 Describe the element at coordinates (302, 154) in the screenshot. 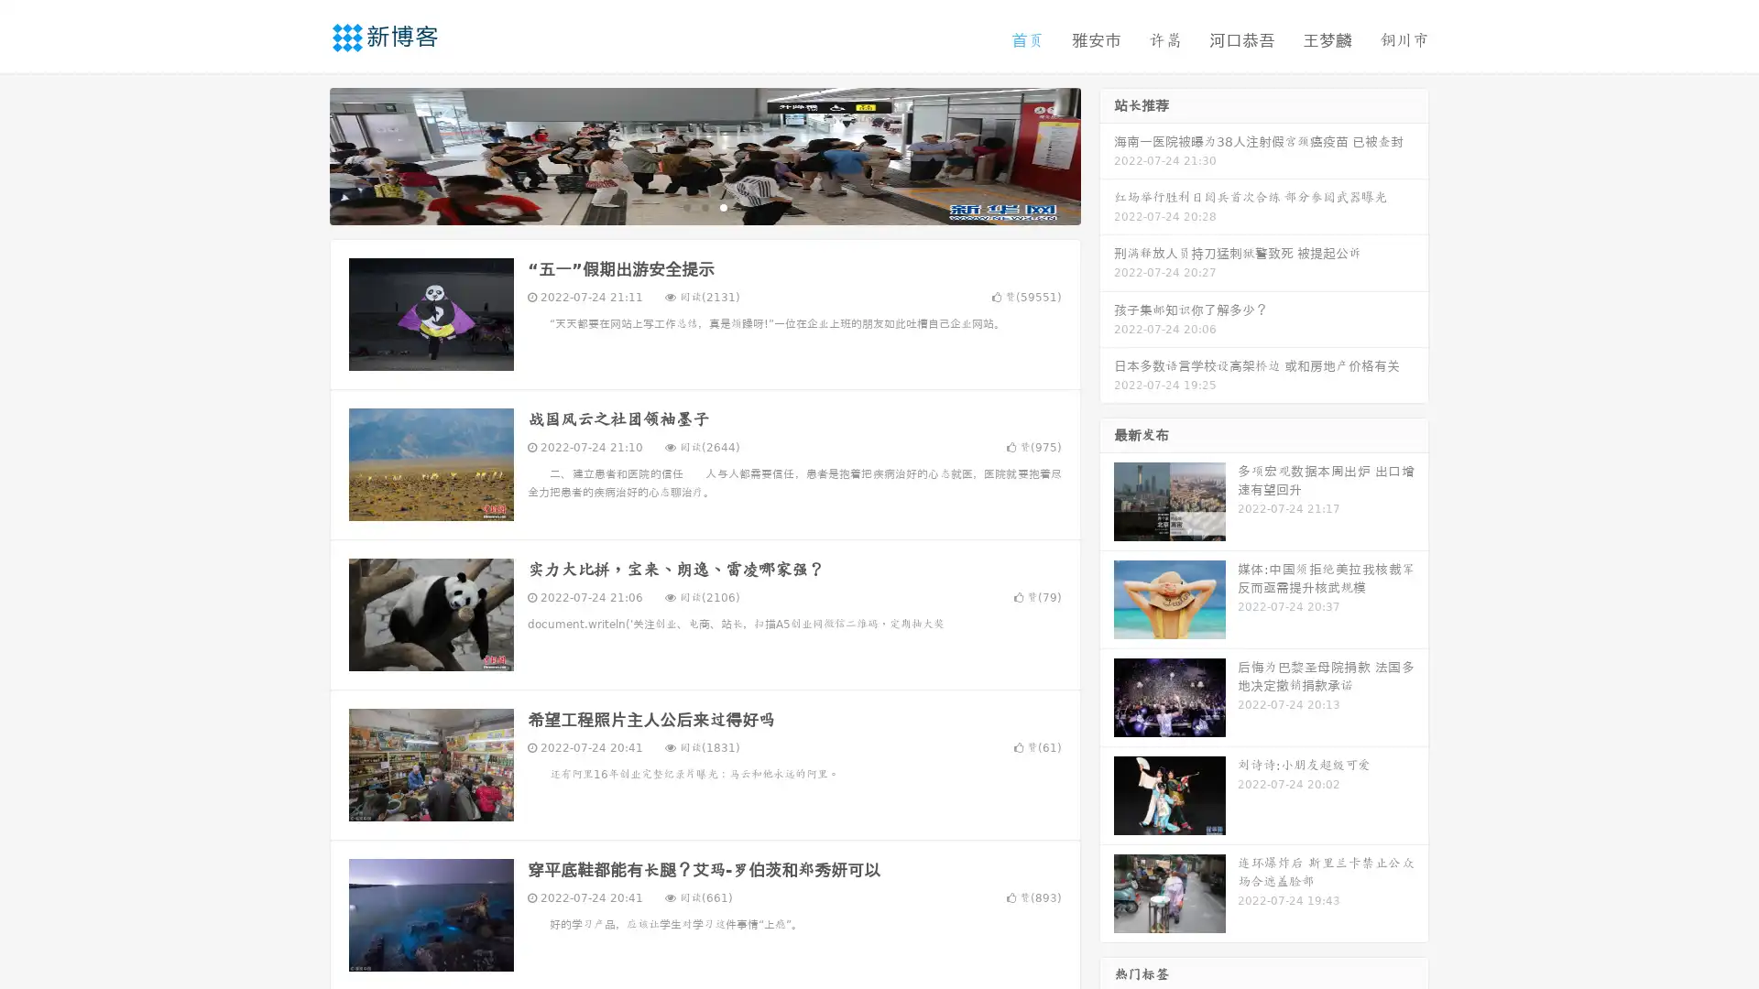

I see `Previous slide` at that location.